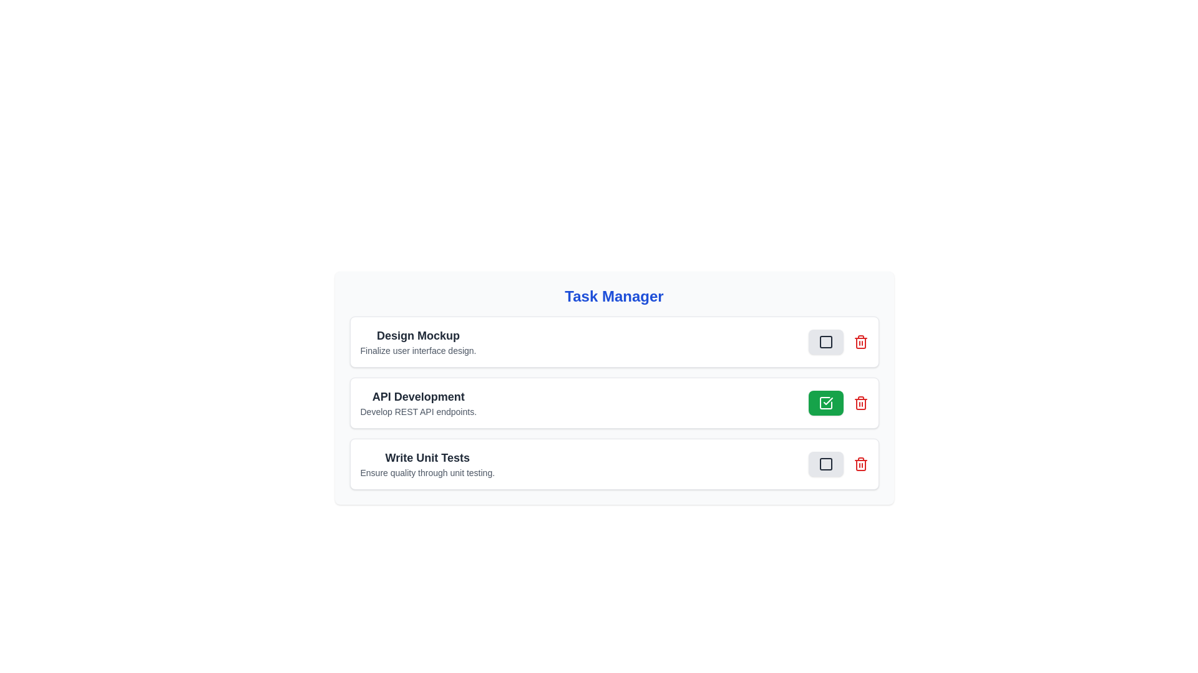 The height and width of the screenshot is (673, 1198). What do you see at coordinates (825, 341) in the screenshot?
I see `the square-shaped toggle button with a gray background and black border, located to the right of the 'Design Mockup' row in the task manager interface` at bounding box center [825, 341].